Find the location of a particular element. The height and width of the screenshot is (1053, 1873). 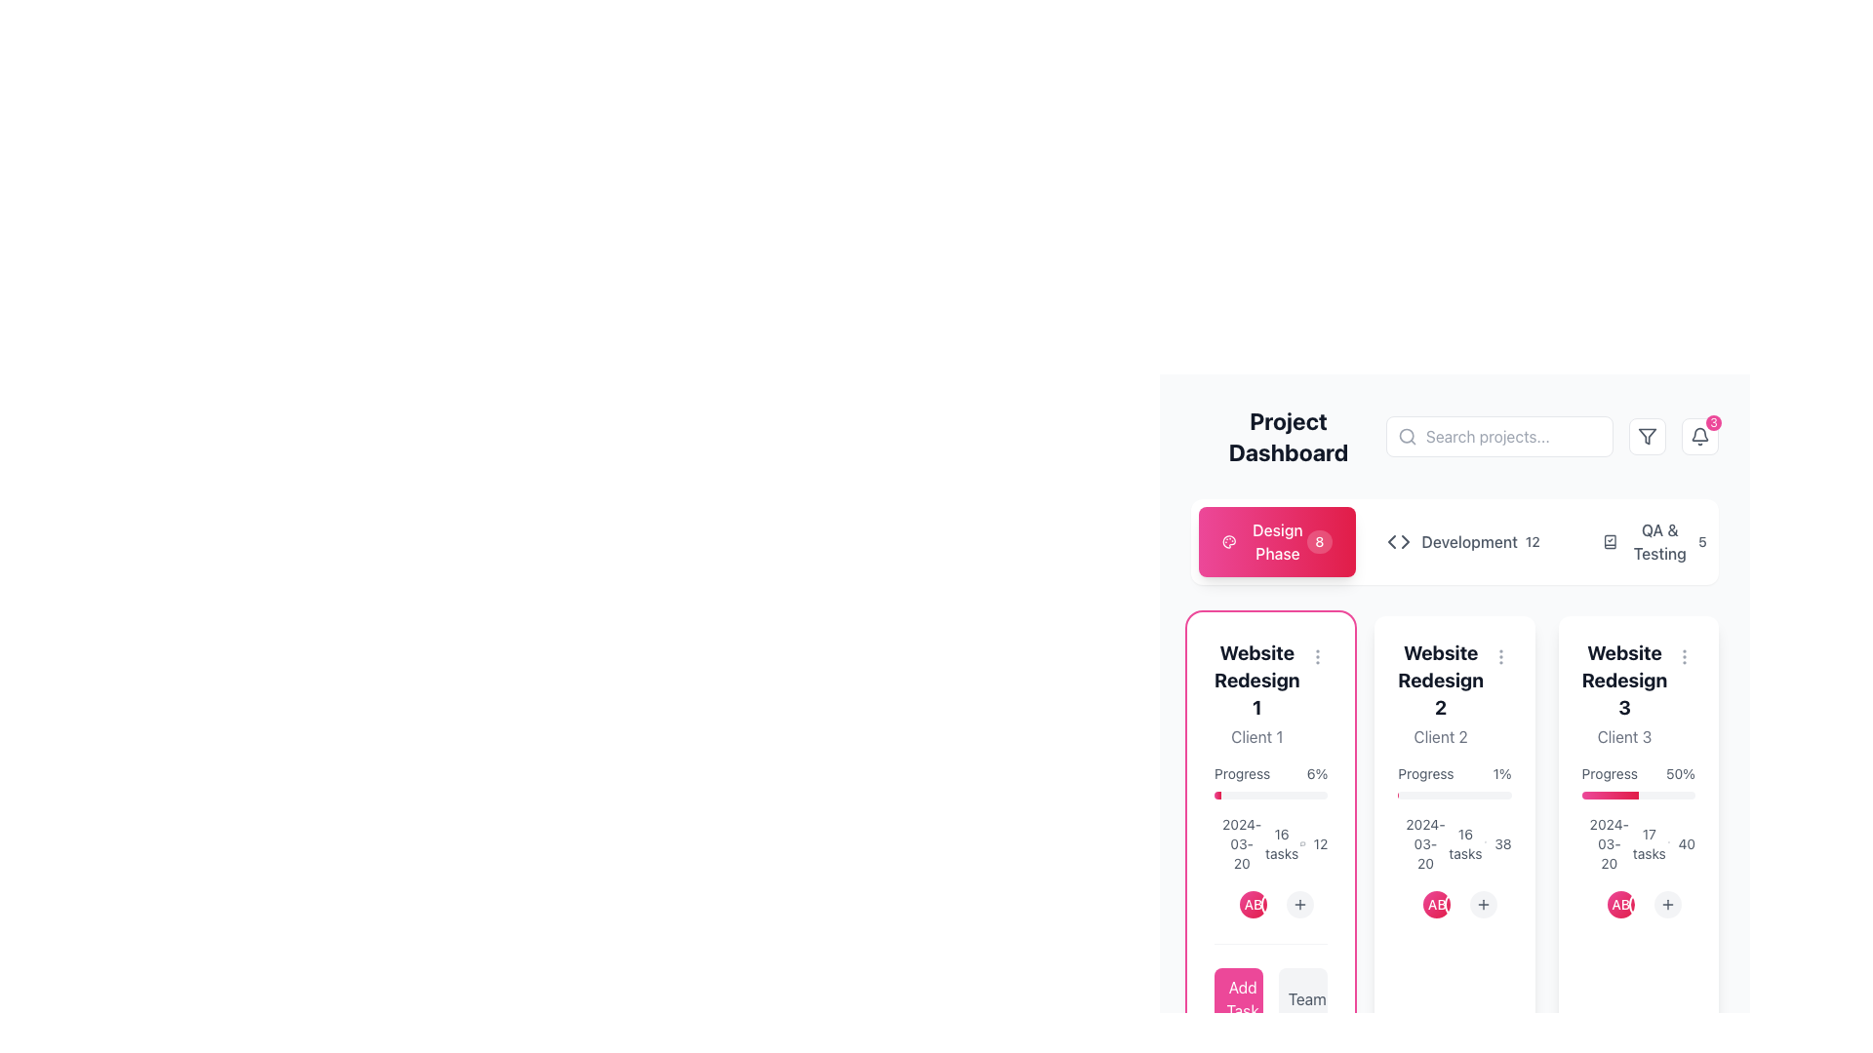

the Informational text cluster displaying the date '2024-03-20', task count '16 tasks', and value '38' located in the 'Website Redesign 2' section under 'Client 2' is located at coordinates (1455, 843).